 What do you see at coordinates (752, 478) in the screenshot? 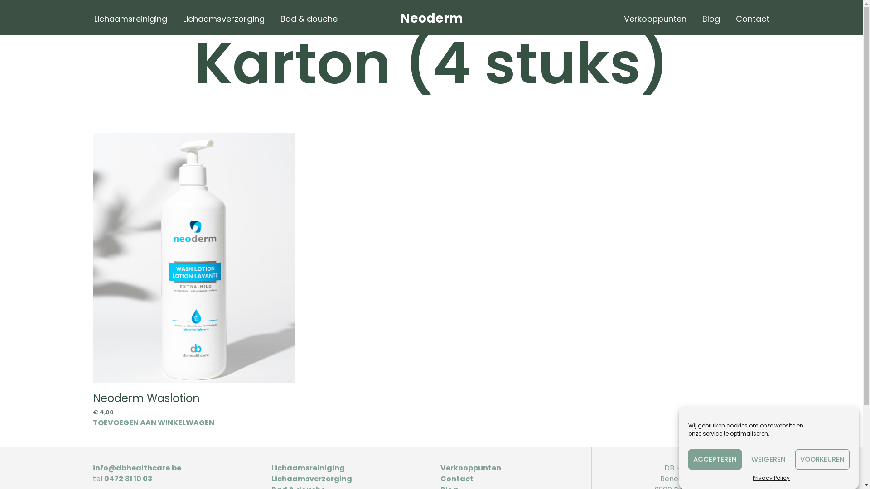
I see `'Privacy Policy'` at bounding box center [752, 478].